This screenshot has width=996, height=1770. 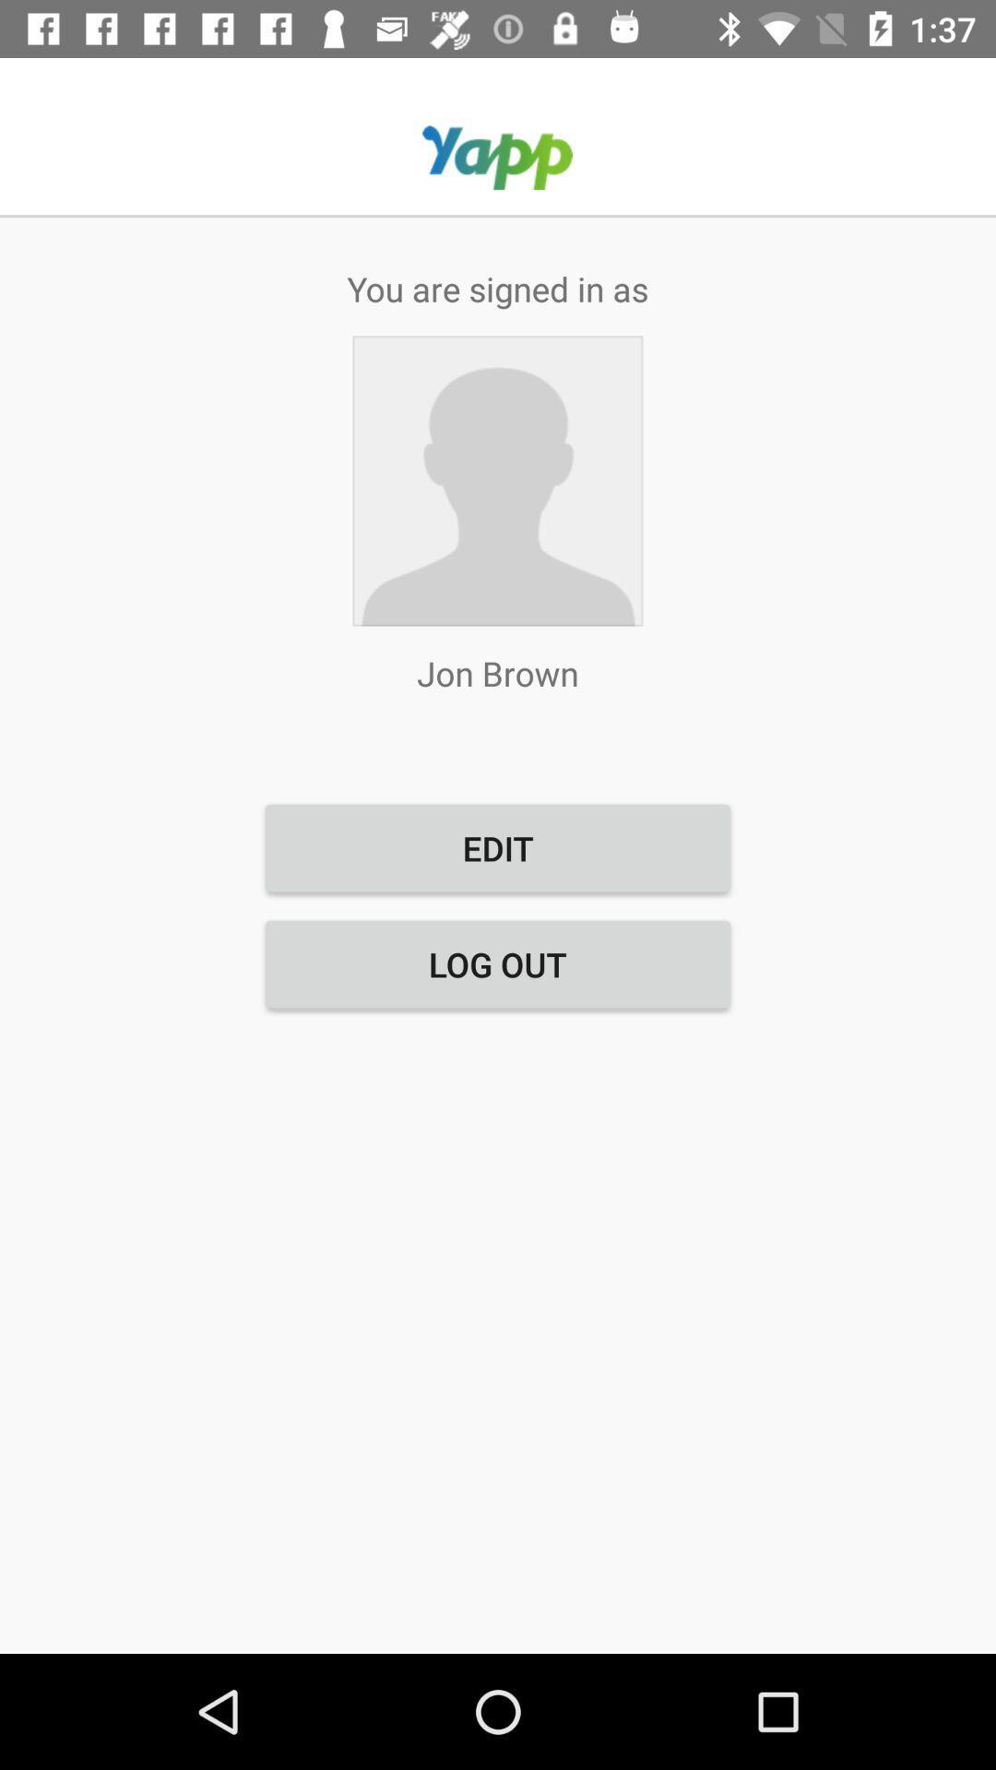 What do you see at coordinates (498, 847) in the screenshot?
I see `the edit icon` at bounding box center [498, 847].